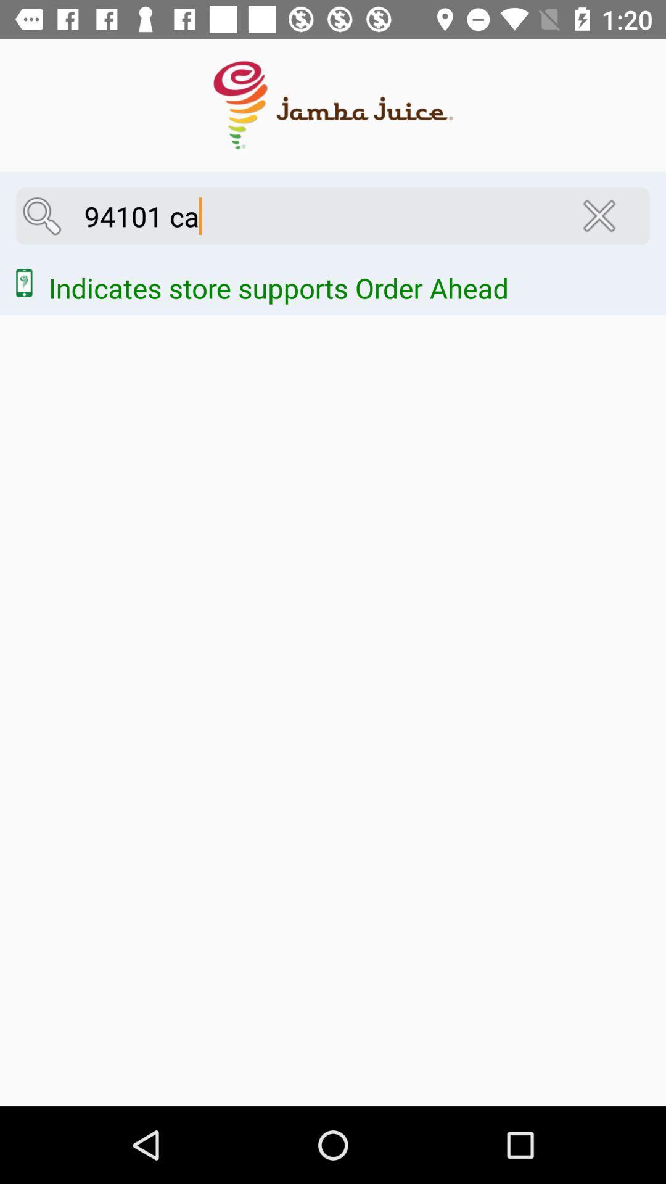  I want to click on the close icon, so click(602, 216).